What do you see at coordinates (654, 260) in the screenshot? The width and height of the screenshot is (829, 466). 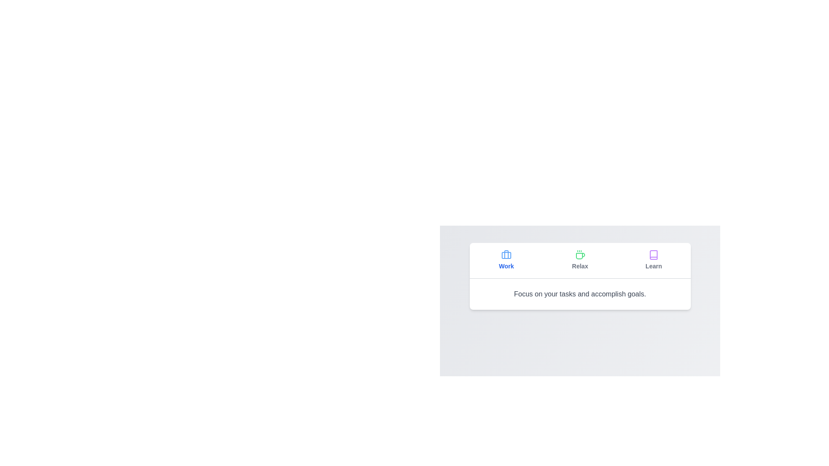 I see `the tab labeled Learn to observe its hover effect` at bounding box center [654, 260].